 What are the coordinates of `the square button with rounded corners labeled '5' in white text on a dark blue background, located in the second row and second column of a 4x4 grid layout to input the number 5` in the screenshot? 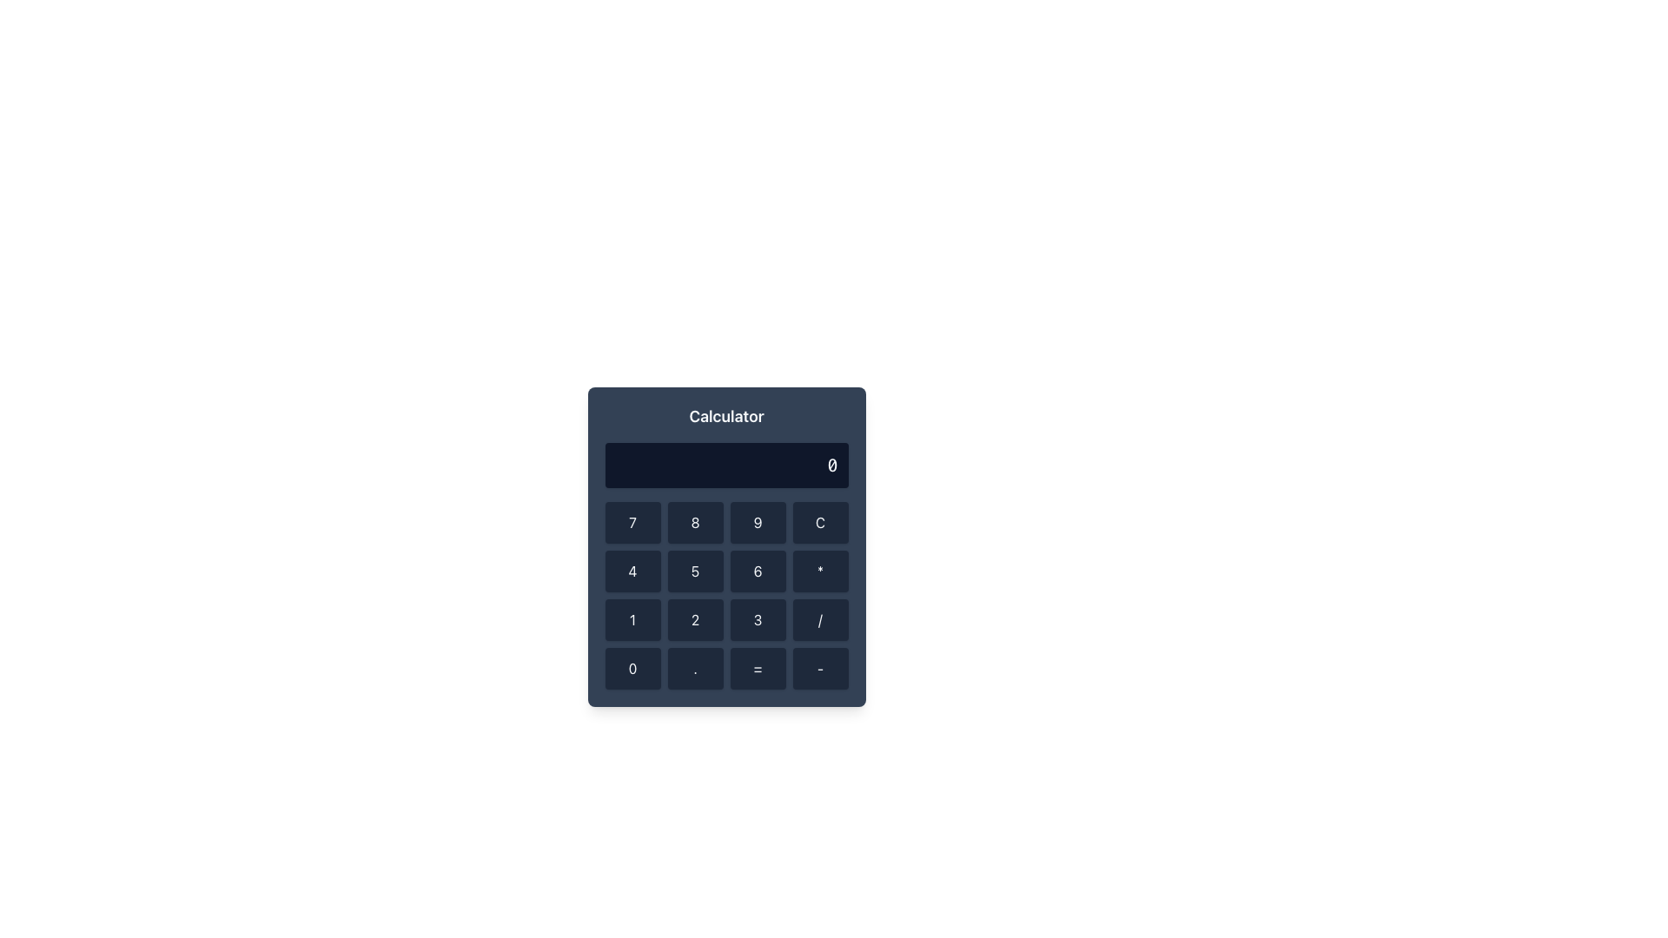 It's located at (695, 571).